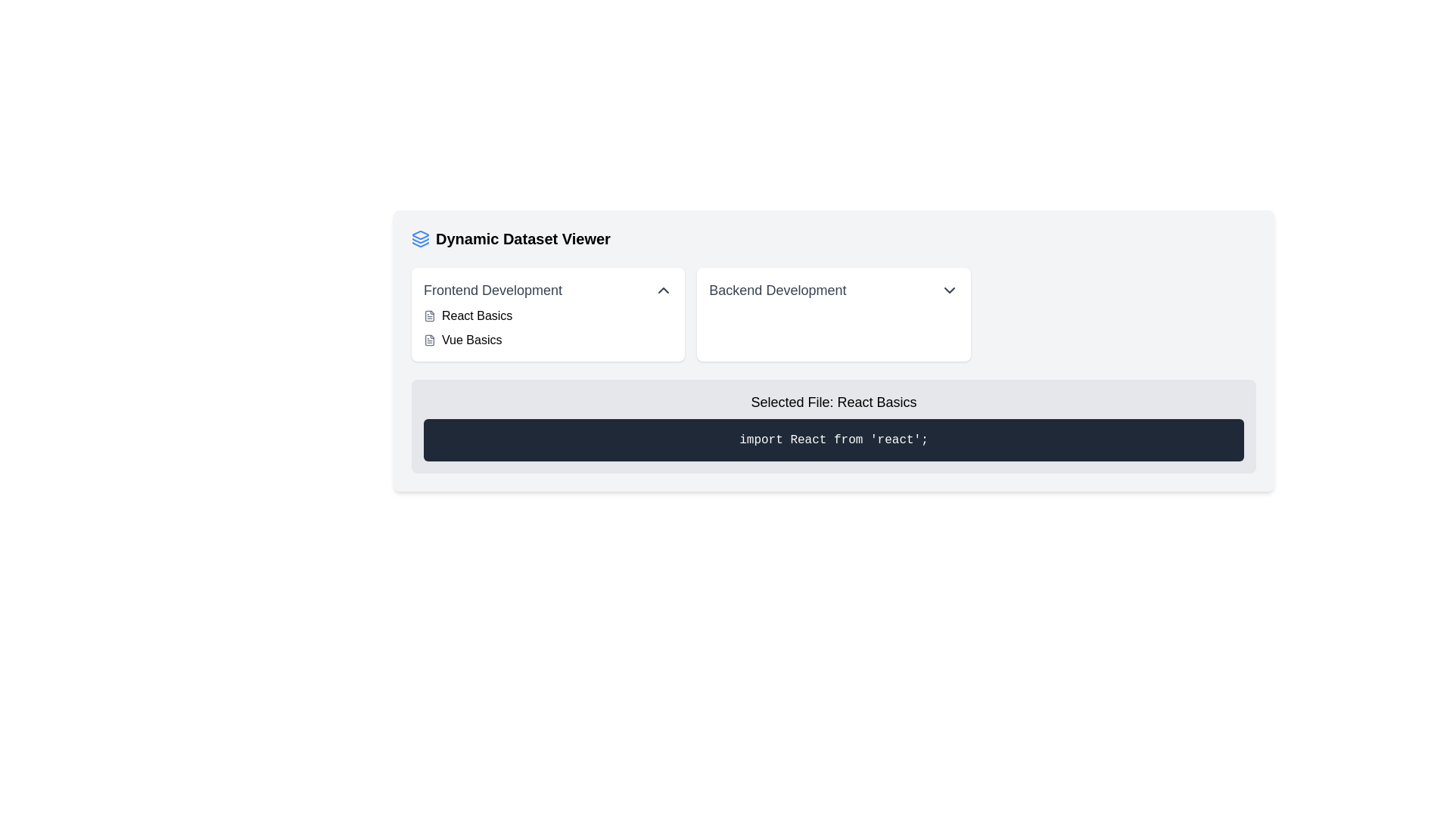 This screenshot has height=817, width=1453. Describe the element at coordinates (948, 290) in the screenshot. I see `the chevron icon located on the right edge of the 'Backend Development' section title` at that location.